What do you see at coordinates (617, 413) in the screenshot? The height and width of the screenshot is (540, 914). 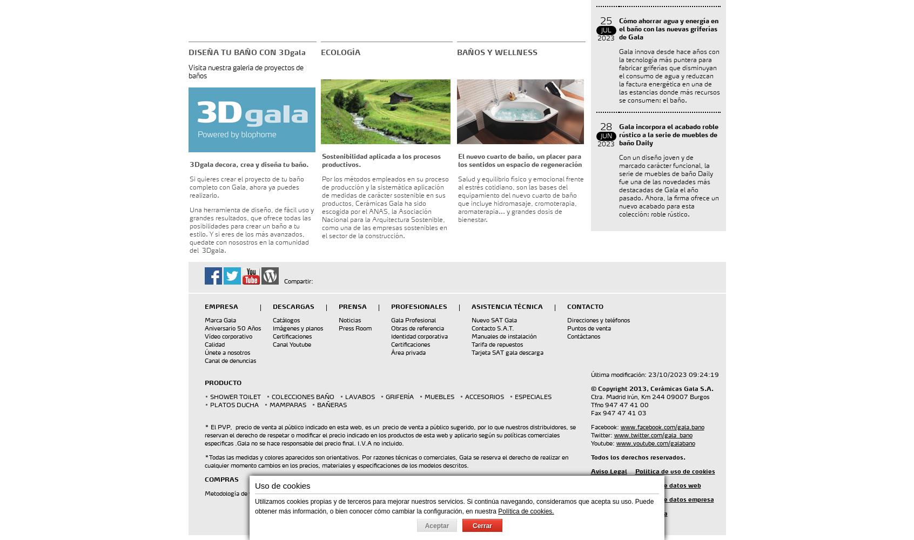 I see `'Fax 947 47 41 03'` at bounding box center [617, 413].